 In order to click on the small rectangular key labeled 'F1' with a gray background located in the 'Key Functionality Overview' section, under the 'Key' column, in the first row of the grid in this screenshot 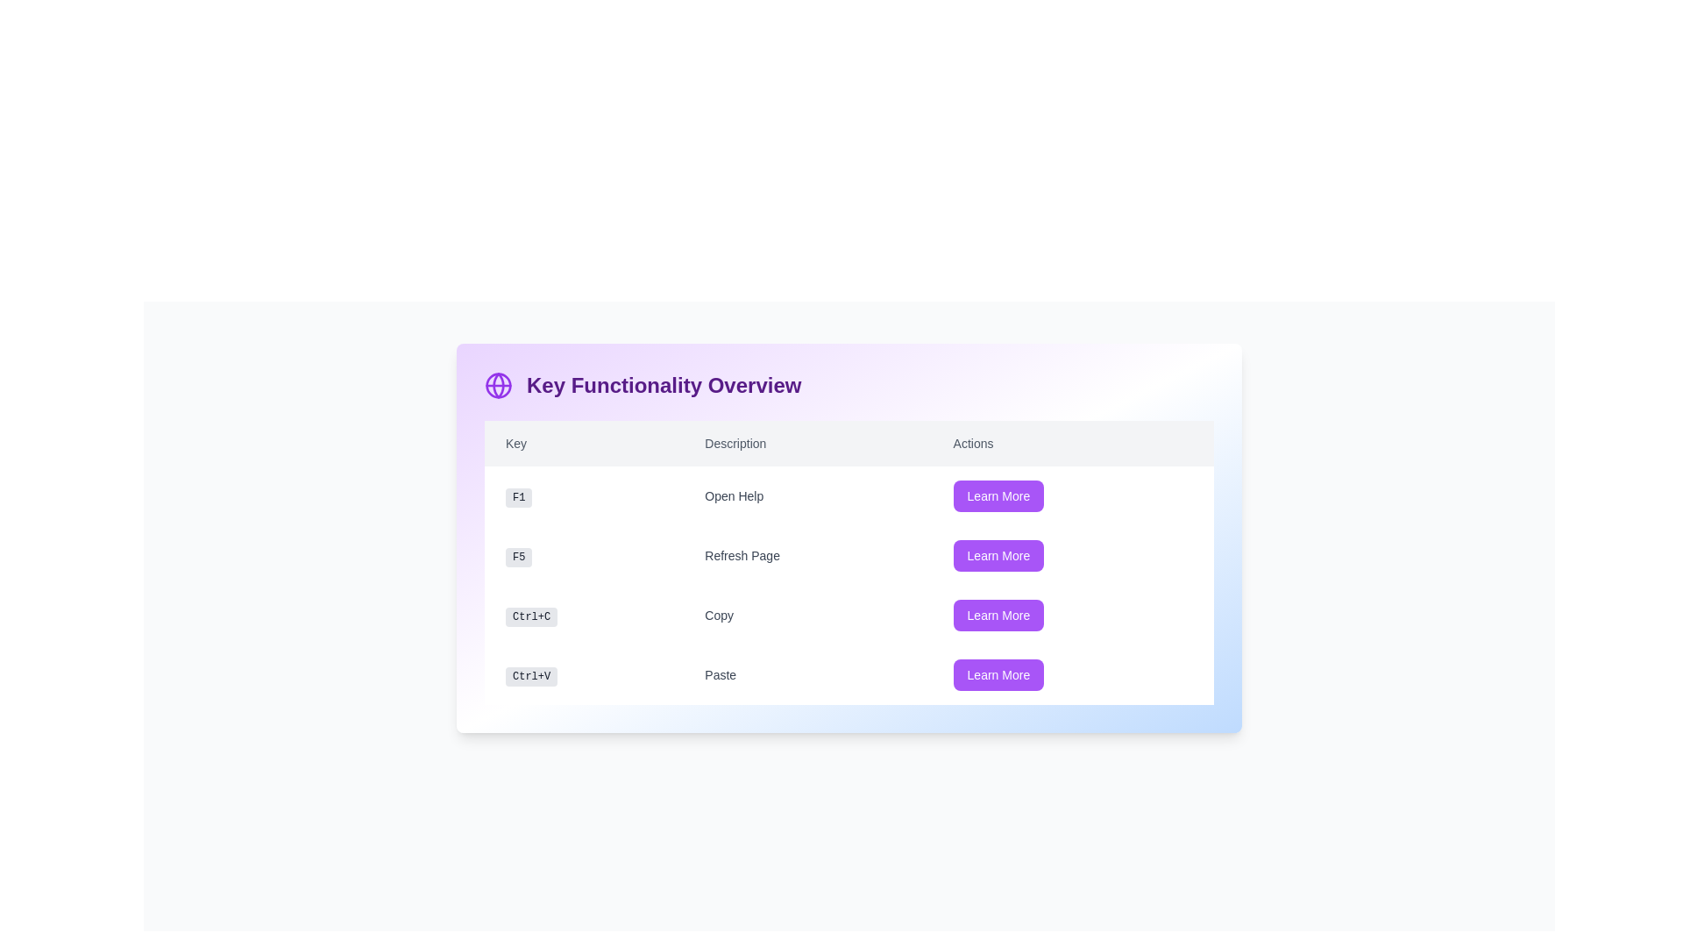, I will do `click(518, 497)`.